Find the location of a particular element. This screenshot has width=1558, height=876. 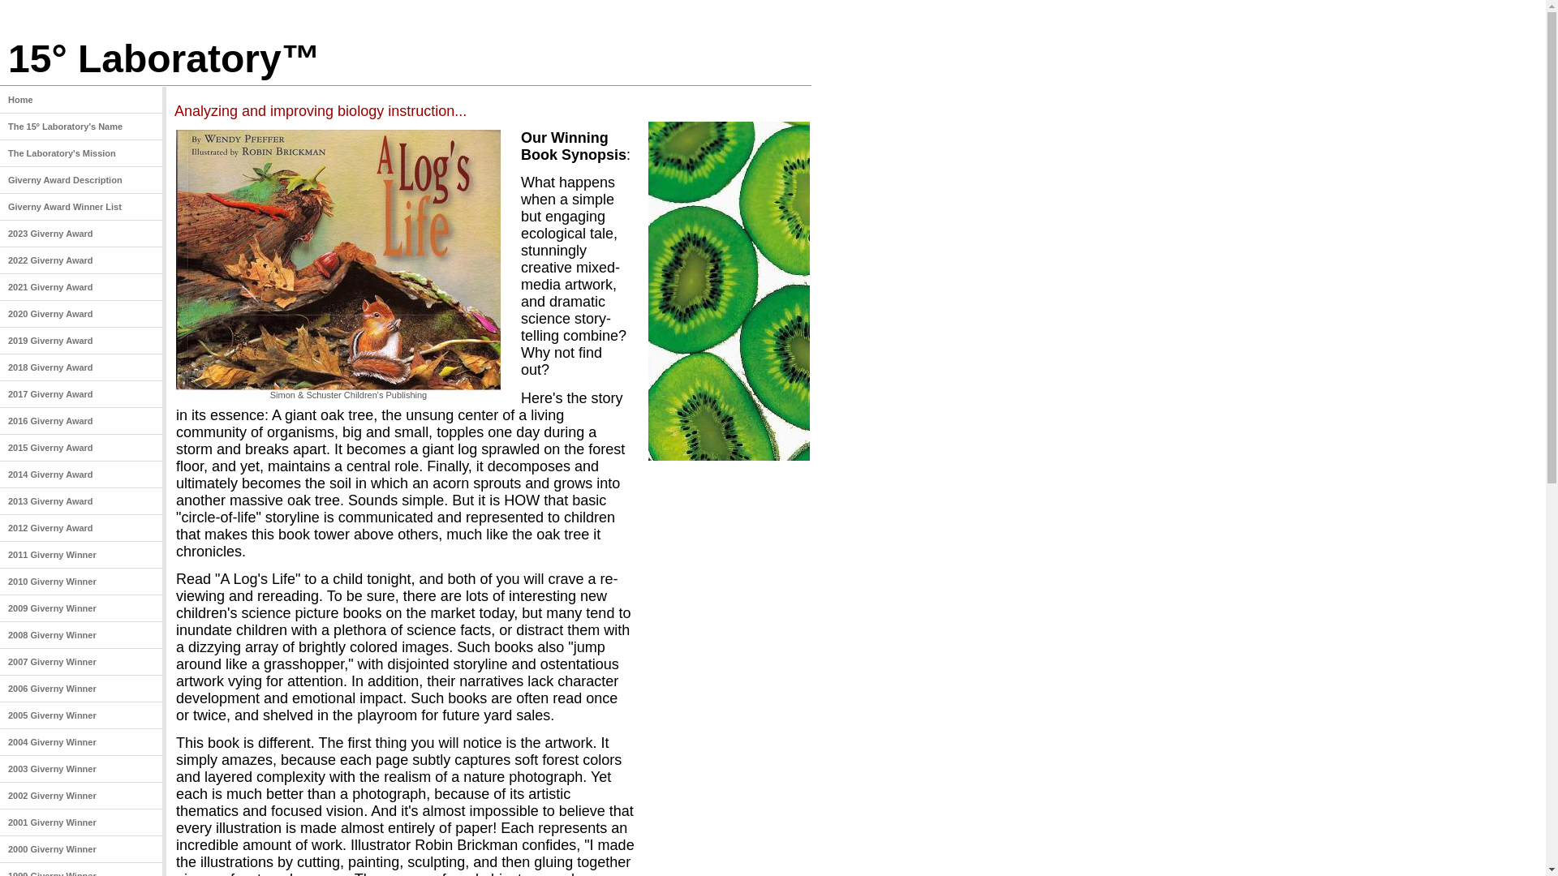

'2014 Giverny Award' is located at coordinates (0, 474).